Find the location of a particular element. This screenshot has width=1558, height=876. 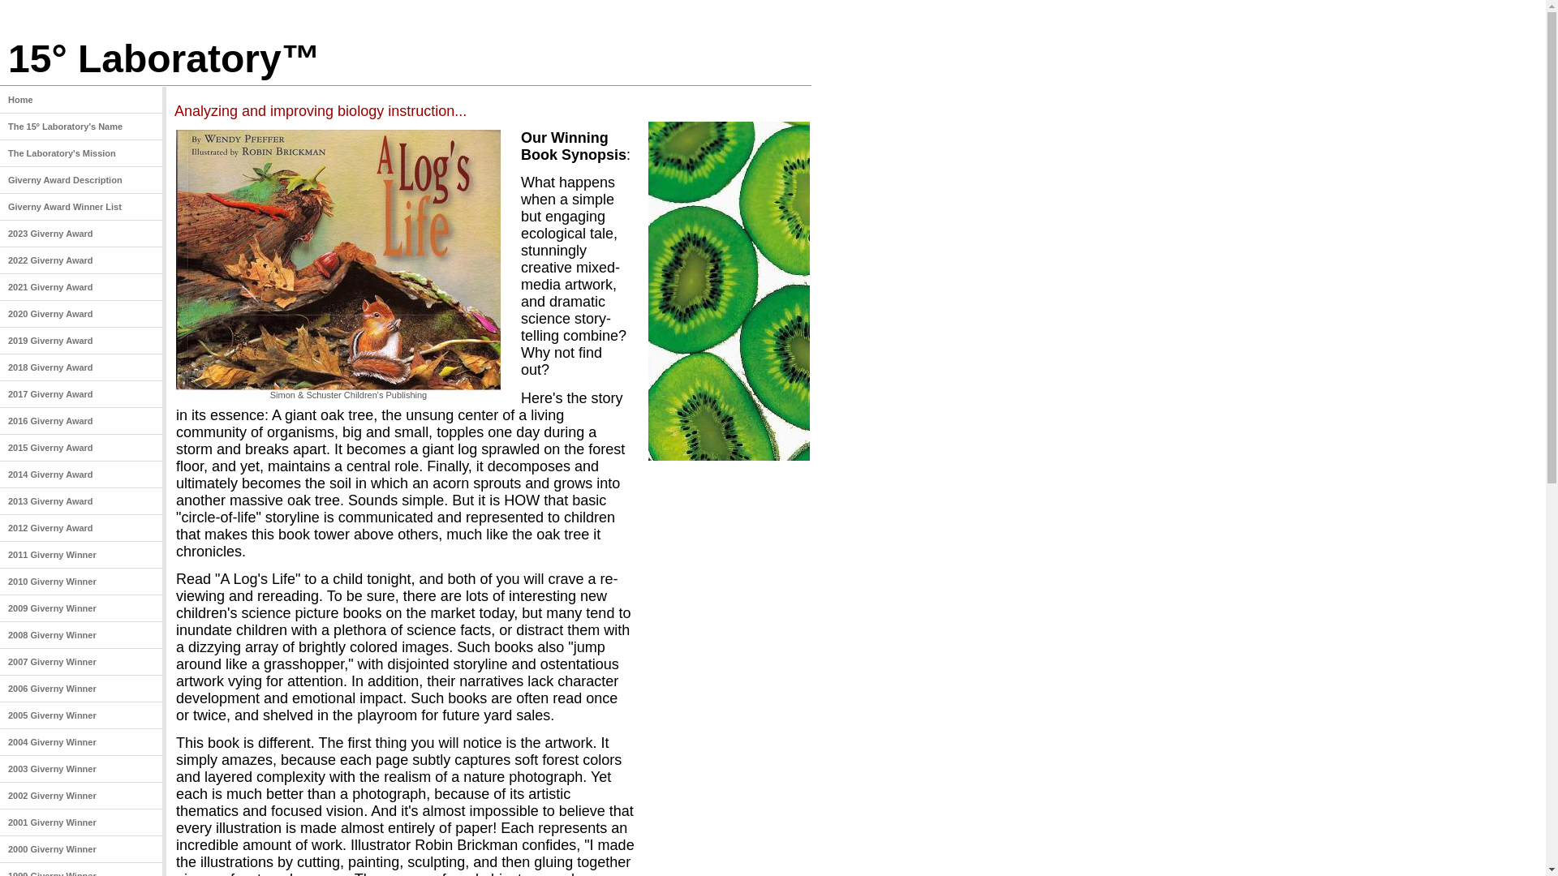

'2014 Giverny Award' is located at coordinates (0, 474).